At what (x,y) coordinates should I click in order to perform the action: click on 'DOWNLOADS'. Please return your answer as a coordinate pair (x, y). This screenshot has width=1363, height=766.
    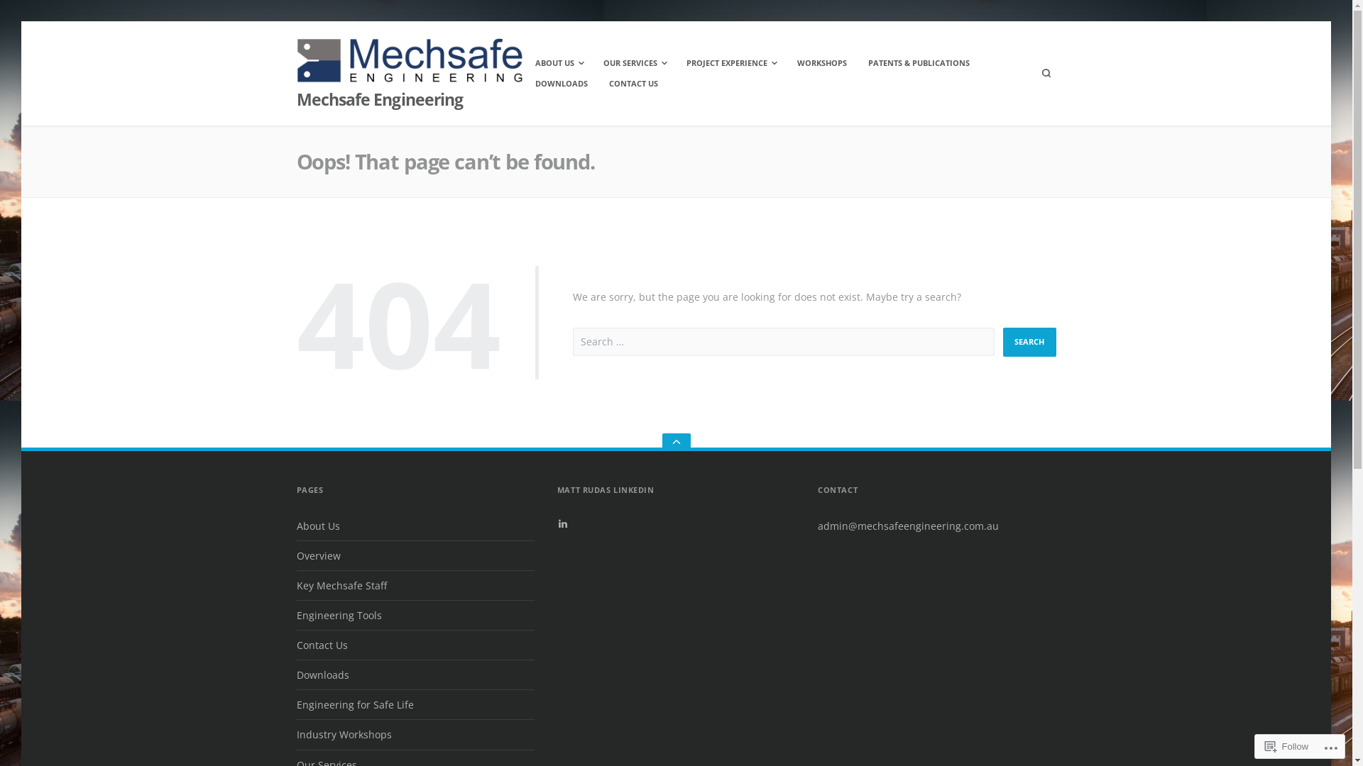
    Looking at the image, I should click on (561, 84).